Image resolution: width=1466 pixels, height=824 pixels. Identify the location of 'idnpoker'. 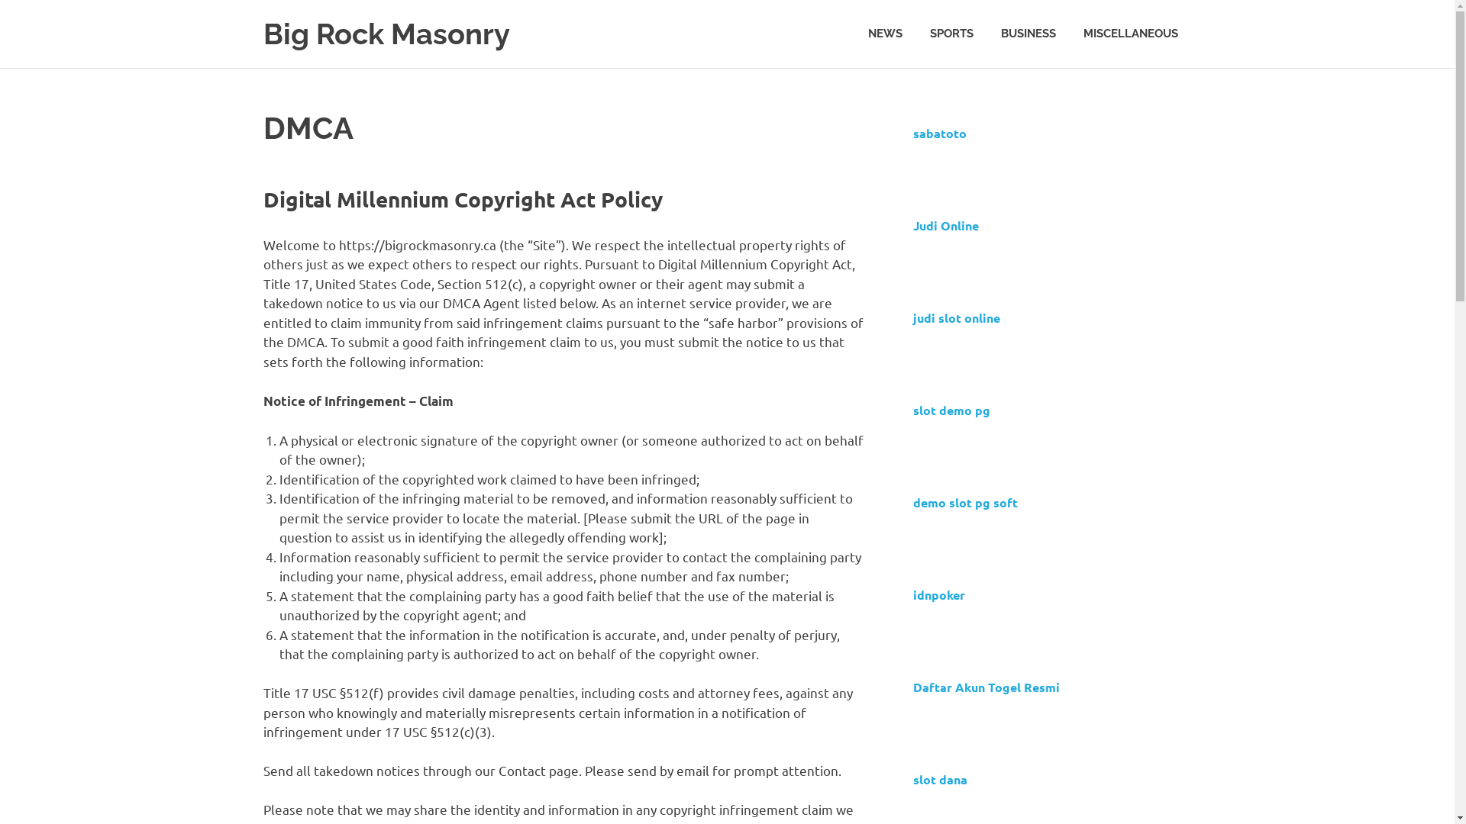
(938, 594).